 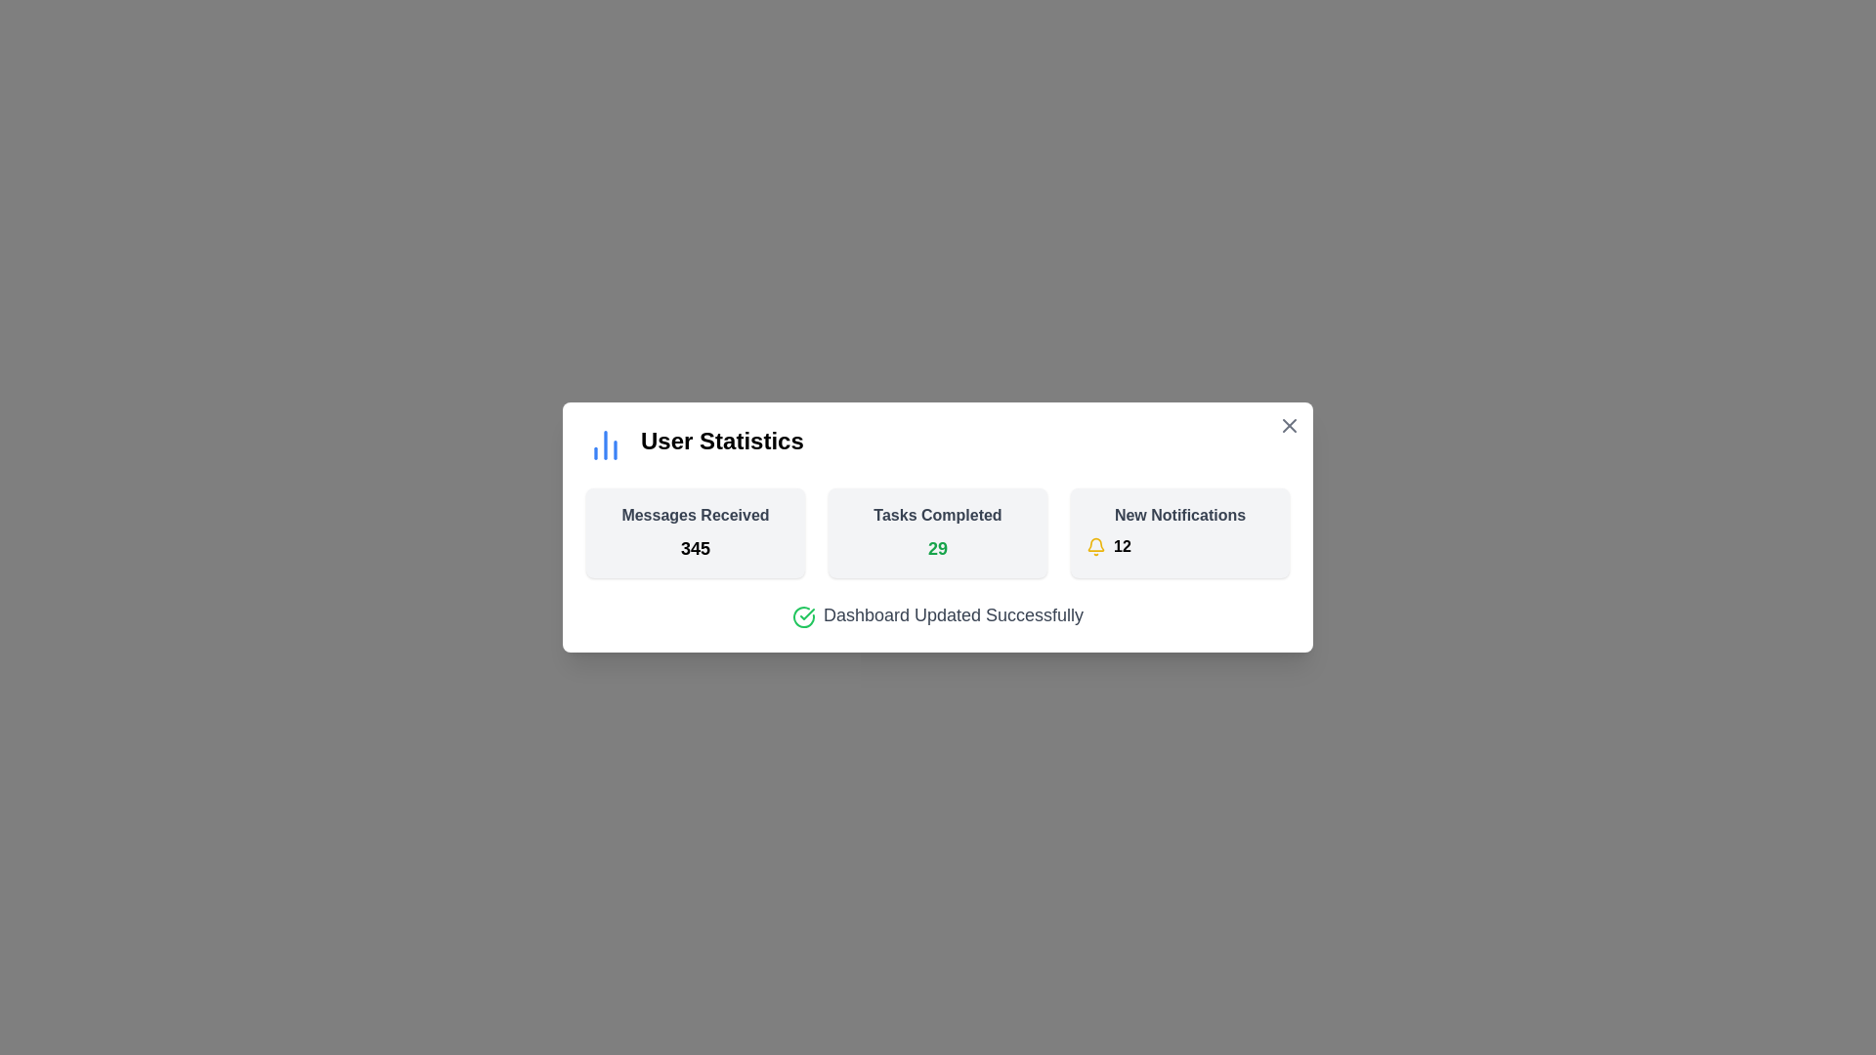 What do you see at coordinates (953, 613) in the screenshot?
I see `the confirmation message text label indicating a successful dashboard update, located at the bottom of the modal window under 'User Statistics', next to a green circular check icon` at bounding box center [953, 613].